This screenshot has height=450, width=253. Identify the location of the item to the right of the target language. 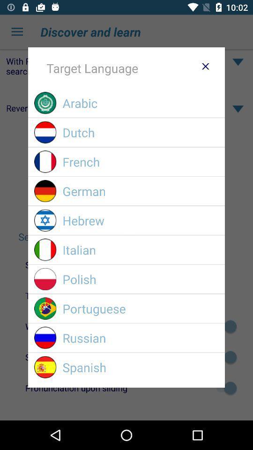
(205, 66).